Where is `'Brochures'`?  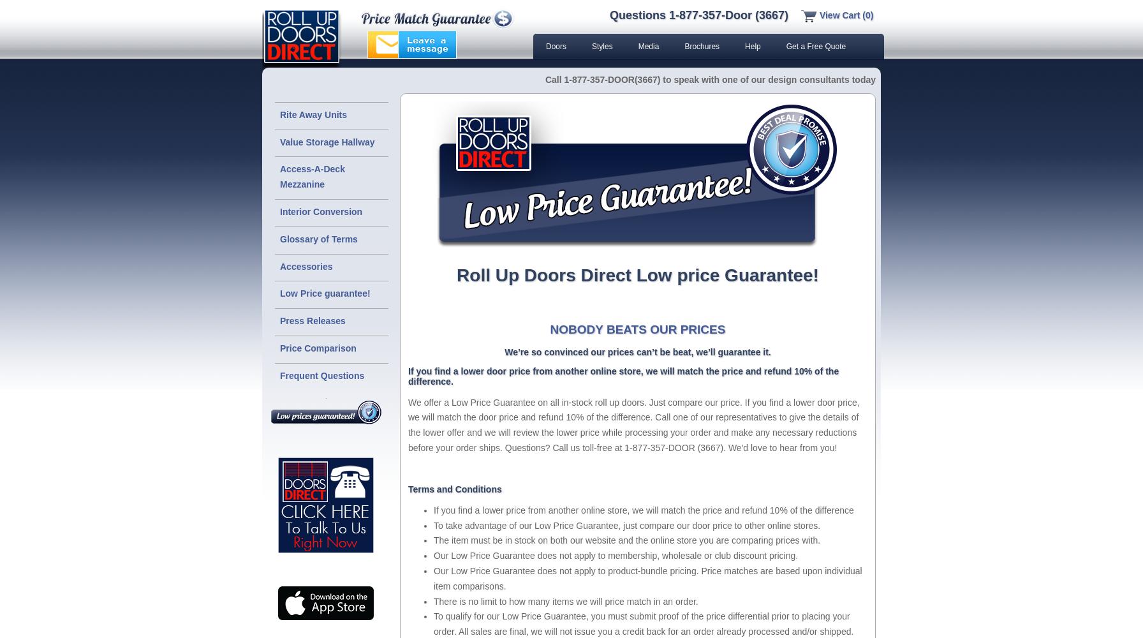 'Brochures' is located at coordinates (702, 46).